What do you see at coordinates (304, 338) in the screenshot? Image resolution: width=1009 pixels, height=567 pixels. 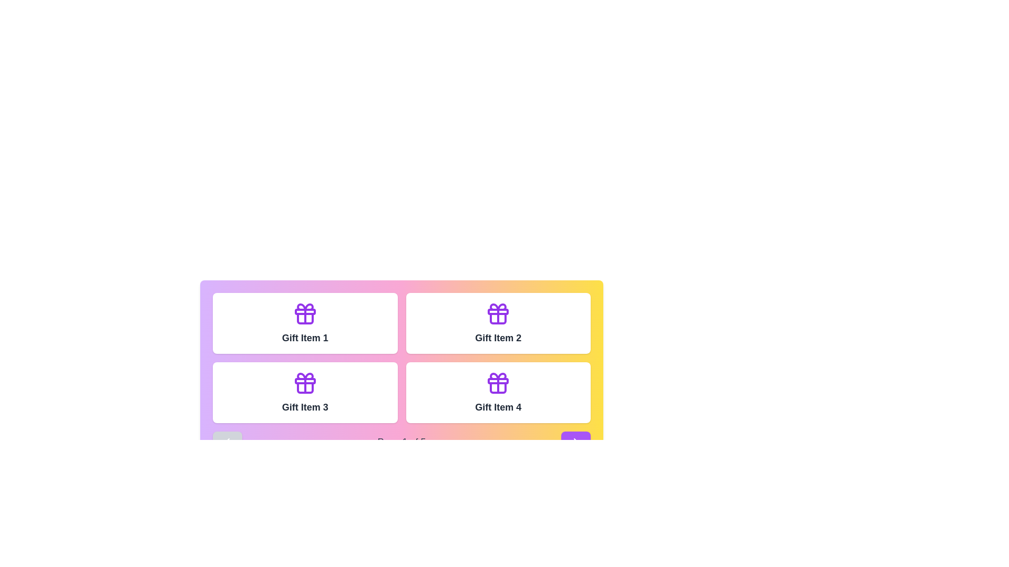 I see `text label displaying 'Gift Item 1' which is bold and dark gray, located below the purple gift box icon in the top-left card of the grid layout` at bounding box center [304, 338].